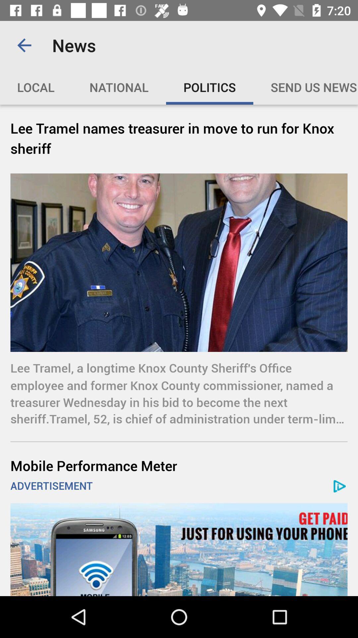 This screenshot has width=358, height=638. Describe the element at coordinates (179, 465) in the screenshot. I see `the item below the lee tramel a icon` at that location.